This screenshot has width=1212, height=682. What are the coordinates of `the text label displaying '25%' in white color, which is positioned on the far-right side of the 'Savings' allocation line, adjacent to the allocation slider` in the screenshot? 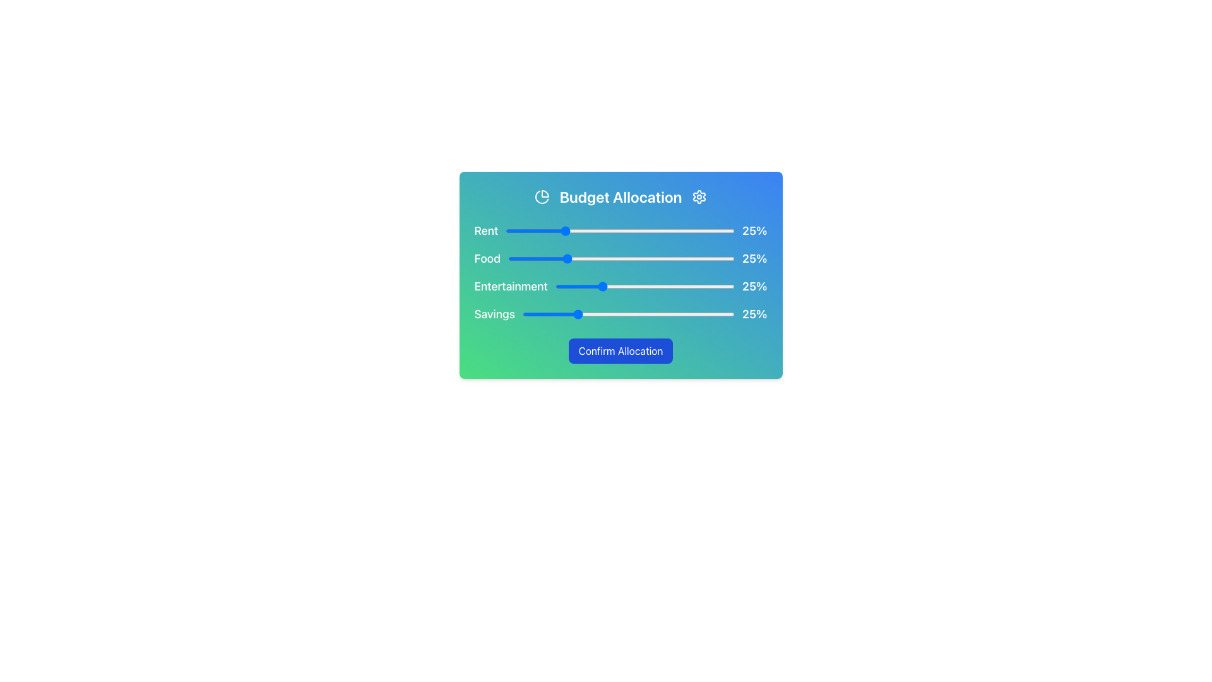 It's located at (754, 313).